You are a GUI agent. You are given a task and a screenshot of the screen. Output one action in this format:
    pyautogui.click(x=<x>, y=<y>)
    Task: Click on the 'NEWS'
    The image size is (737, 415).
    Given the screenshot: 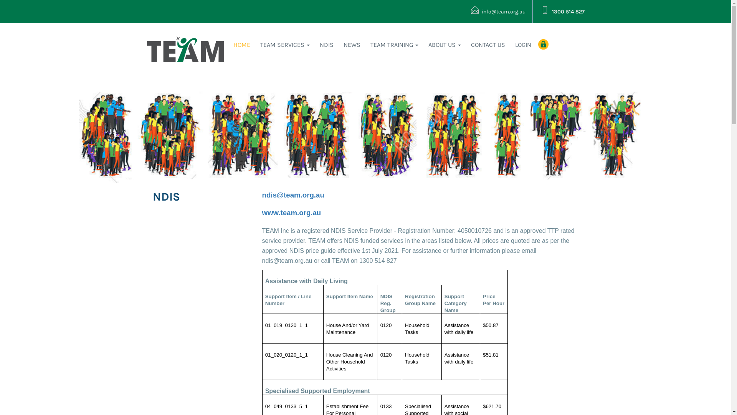 What is the action you would take?
    pyautogui.click(x=351, y=45)
    